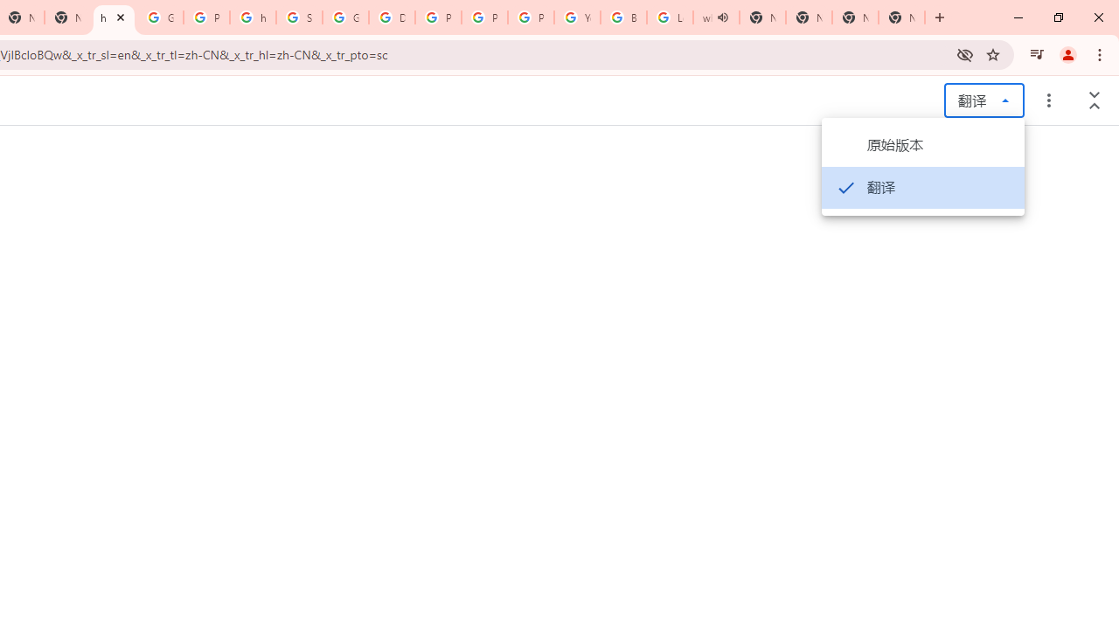 This screenshot has height=629, width=1119. I want to click on 'https://scholar.google.com/', so click(252, 17).